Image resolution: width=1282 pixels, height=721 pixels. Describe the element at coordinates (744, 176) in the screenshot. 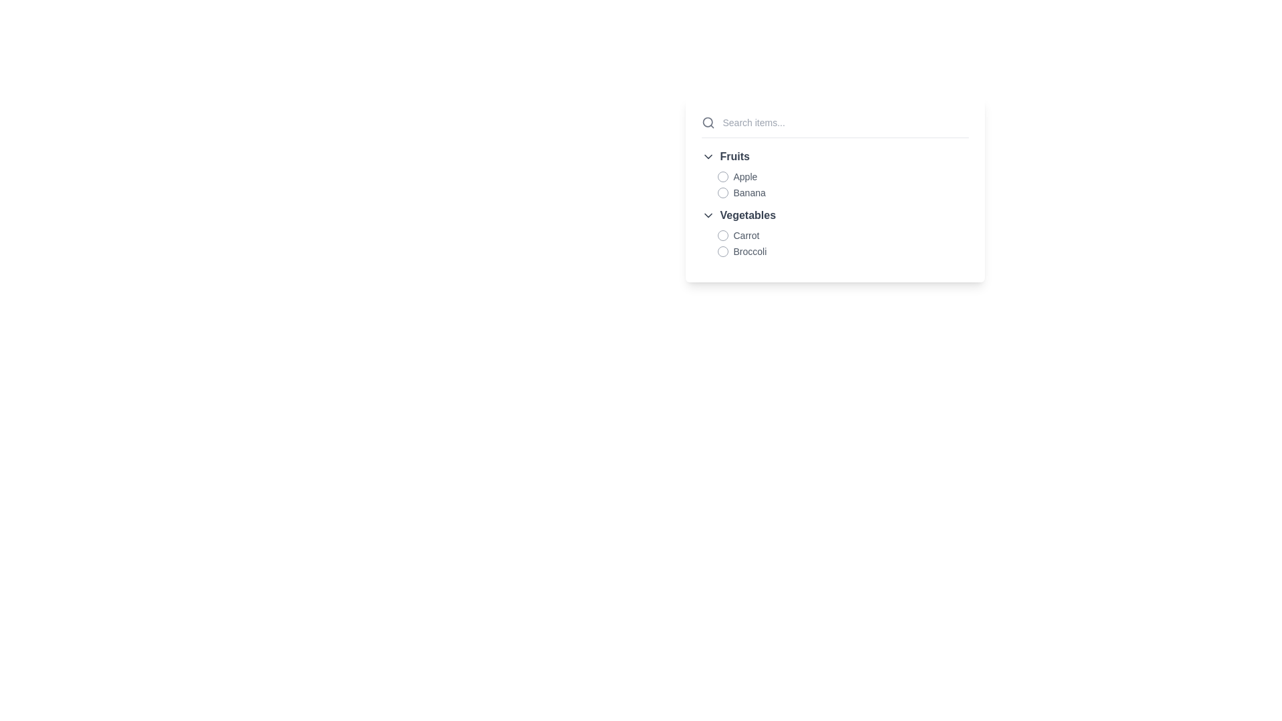

I see `the 'Apple' label in gray shade, which is the first listed fruit item under the 'Fruits' category in the dropdown list` at that location.